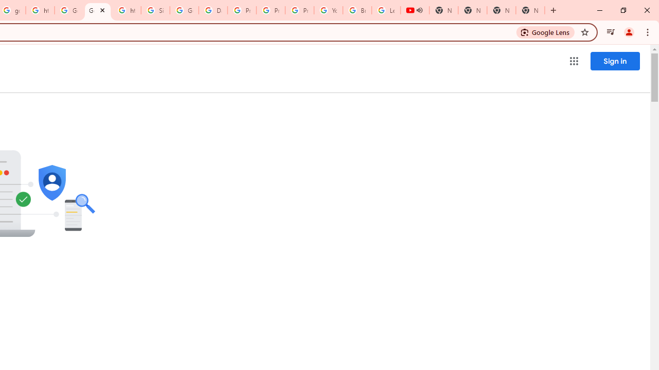 The width and height of the screenshot is (659, 370). I want to click on 'New Tab', so click(530, 10).